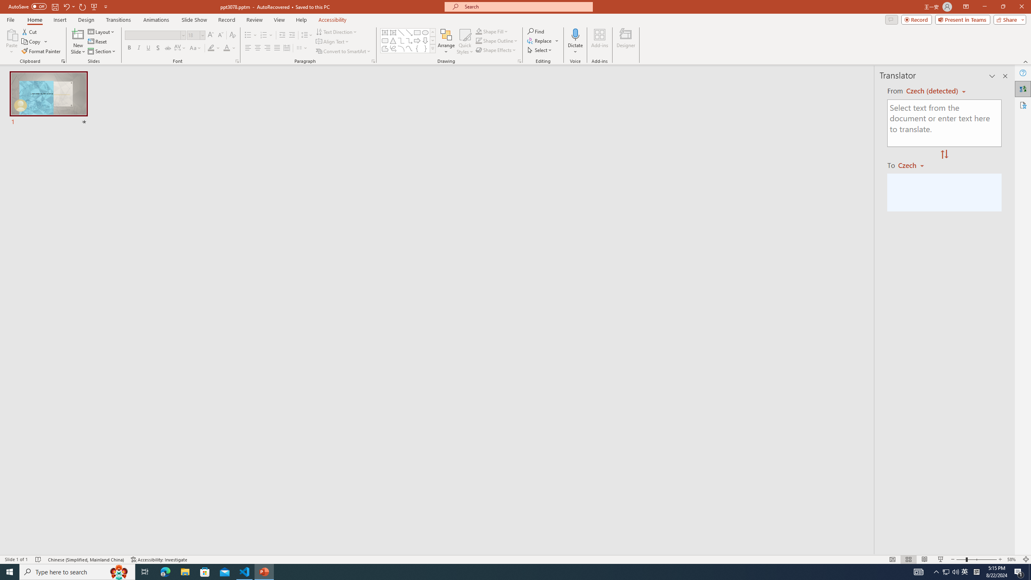 Image resolution: width=1031 pixels, height=580 pixels. Describe the element at coordinates (914, 165) in the screenshot. I see `'Czech'` at that location.